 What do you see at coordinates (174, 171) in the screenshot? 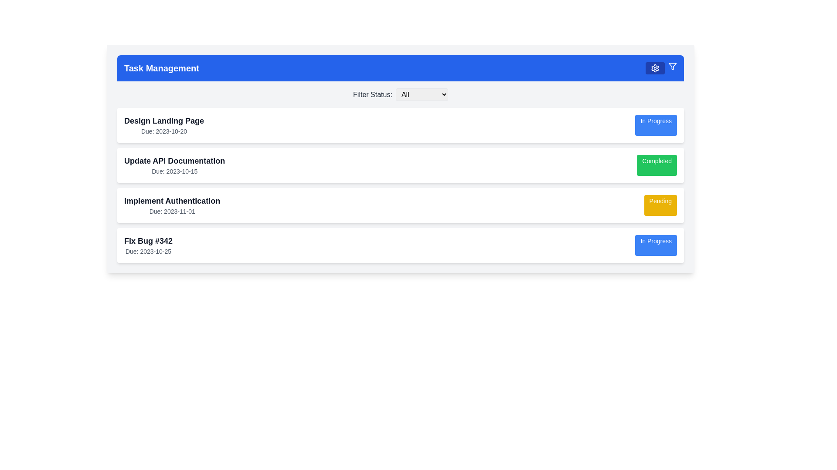
I see `due date displayed in the text label located below the title 'Update API Documentation' in the second task card` at bounding box center [174, 171].